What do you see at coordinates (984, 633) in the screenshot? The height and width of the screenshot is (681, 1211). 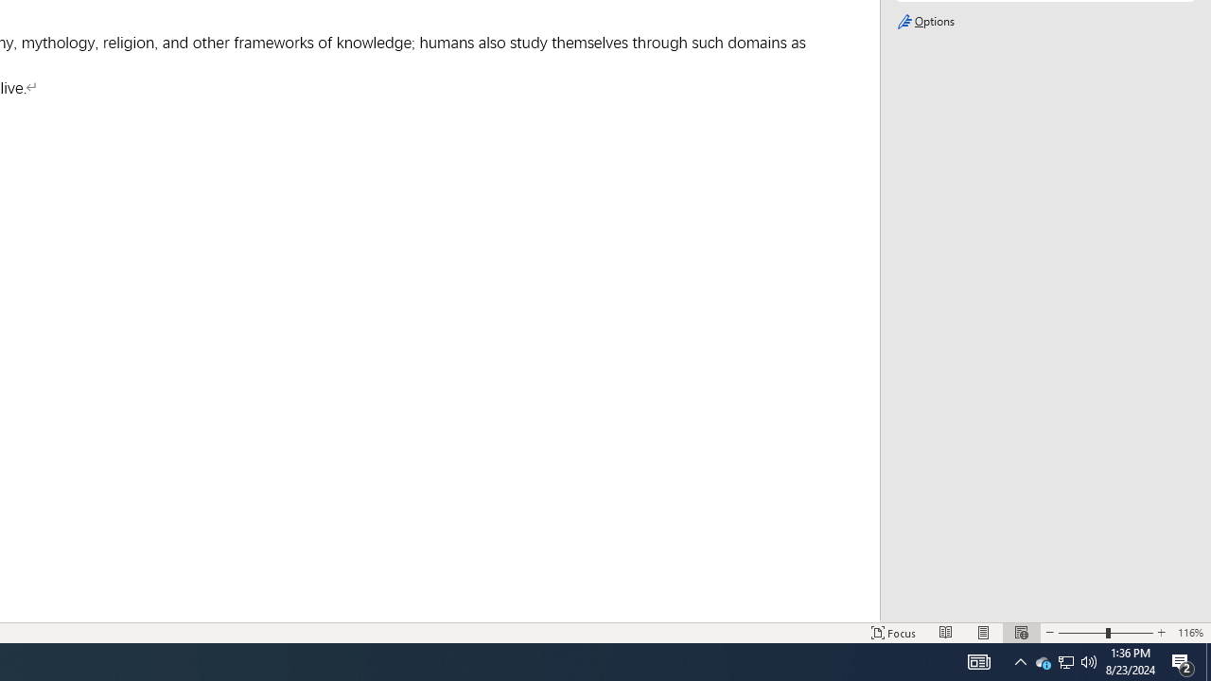 I see `'Print Layout'` at bounding box center [984, 633].